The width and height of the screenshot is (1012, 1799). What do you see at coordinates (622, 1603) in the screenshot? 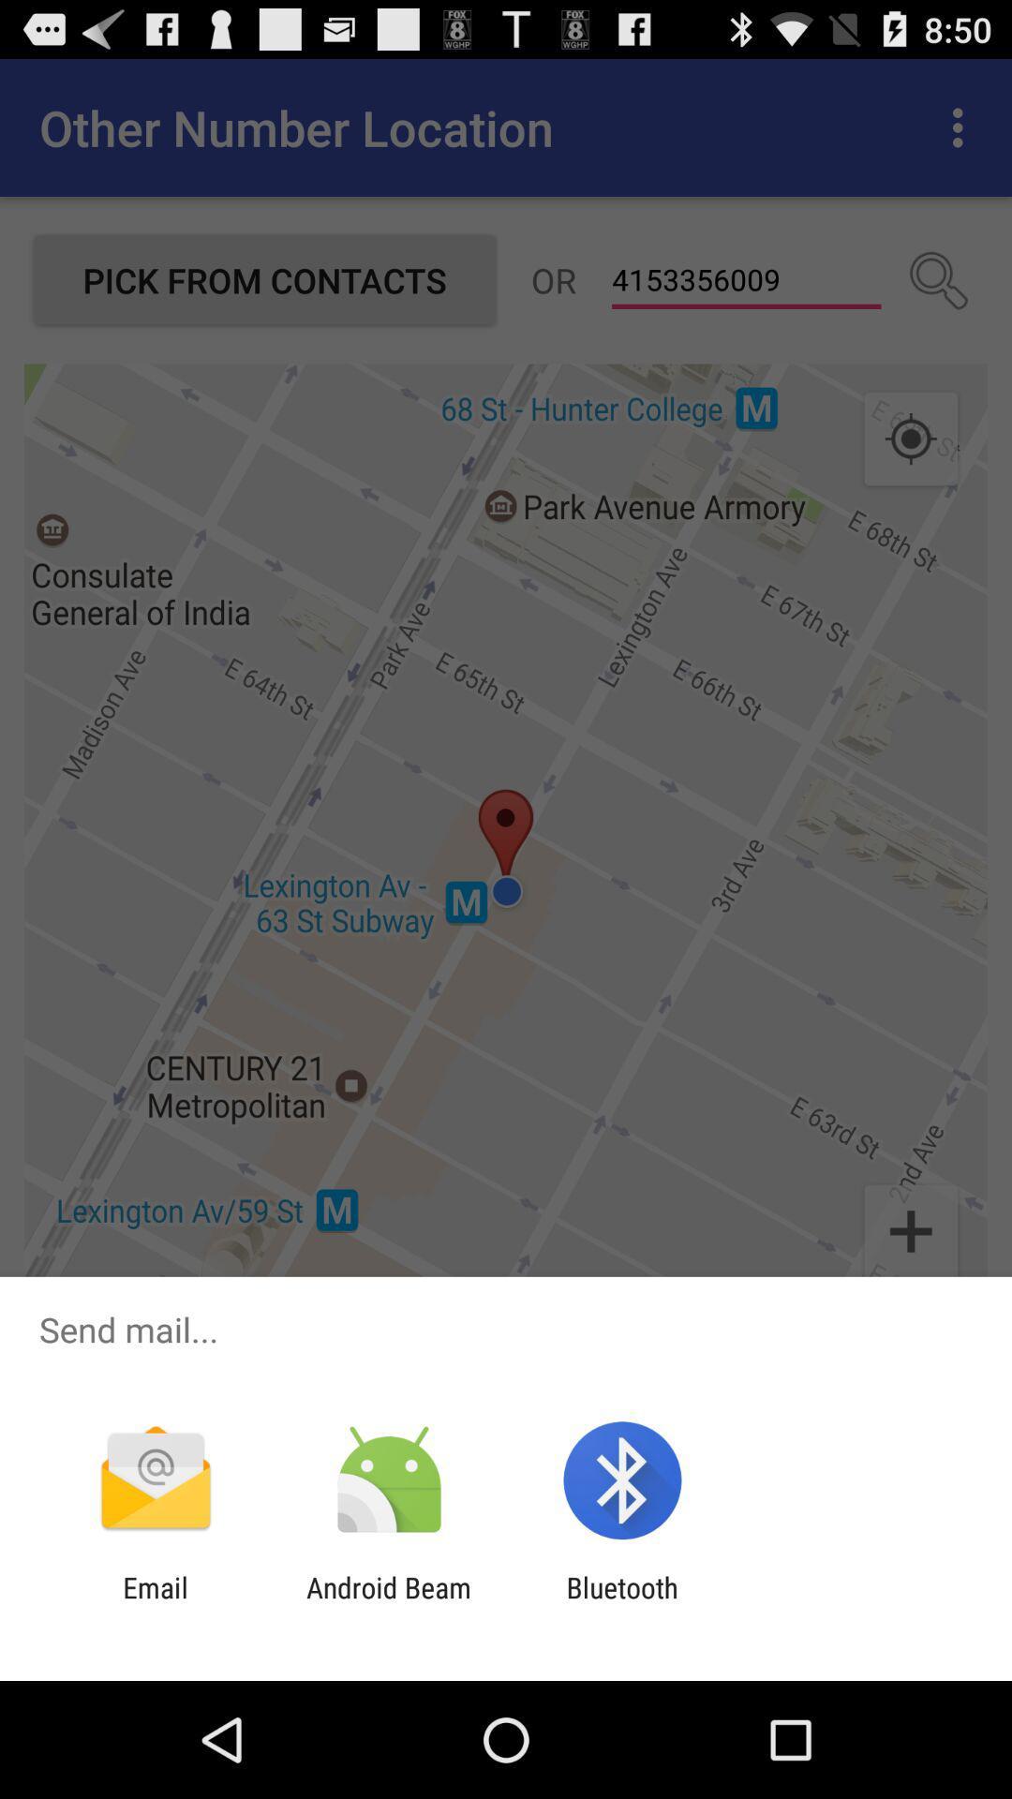
I see `icon next to android beam icon` at bounding box center [622, 1603].